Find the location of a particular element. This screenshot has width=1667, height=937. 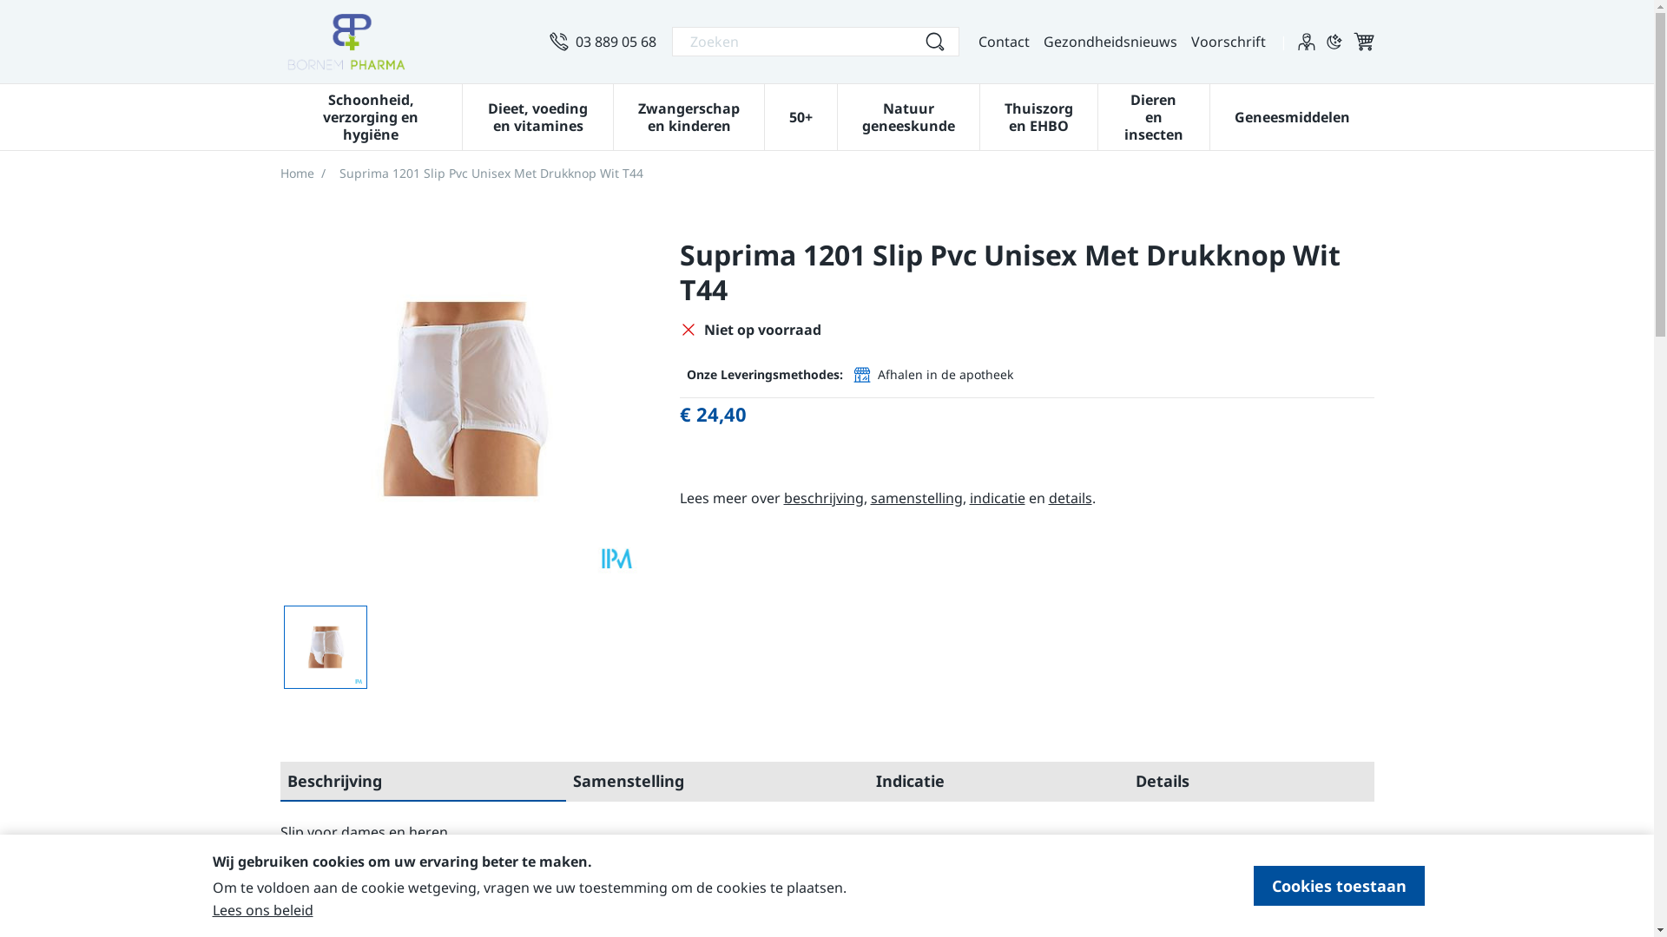

'03 889 05 68' is located at coordinates (602, 40).